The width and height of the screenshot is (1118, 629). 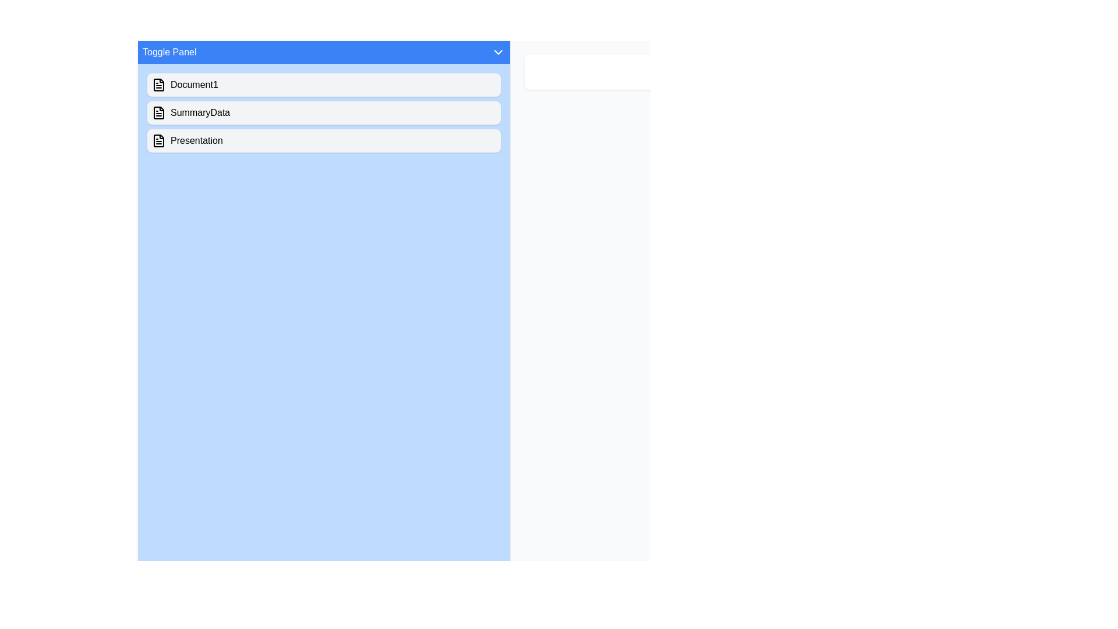 What do you see at coordinates (158, 84) in the screenshot?
I see `the icon representing the first document entry labeled 'Document1' in the vertical list under the 'Toggle Panel' header` at bounding box center [158, 84].